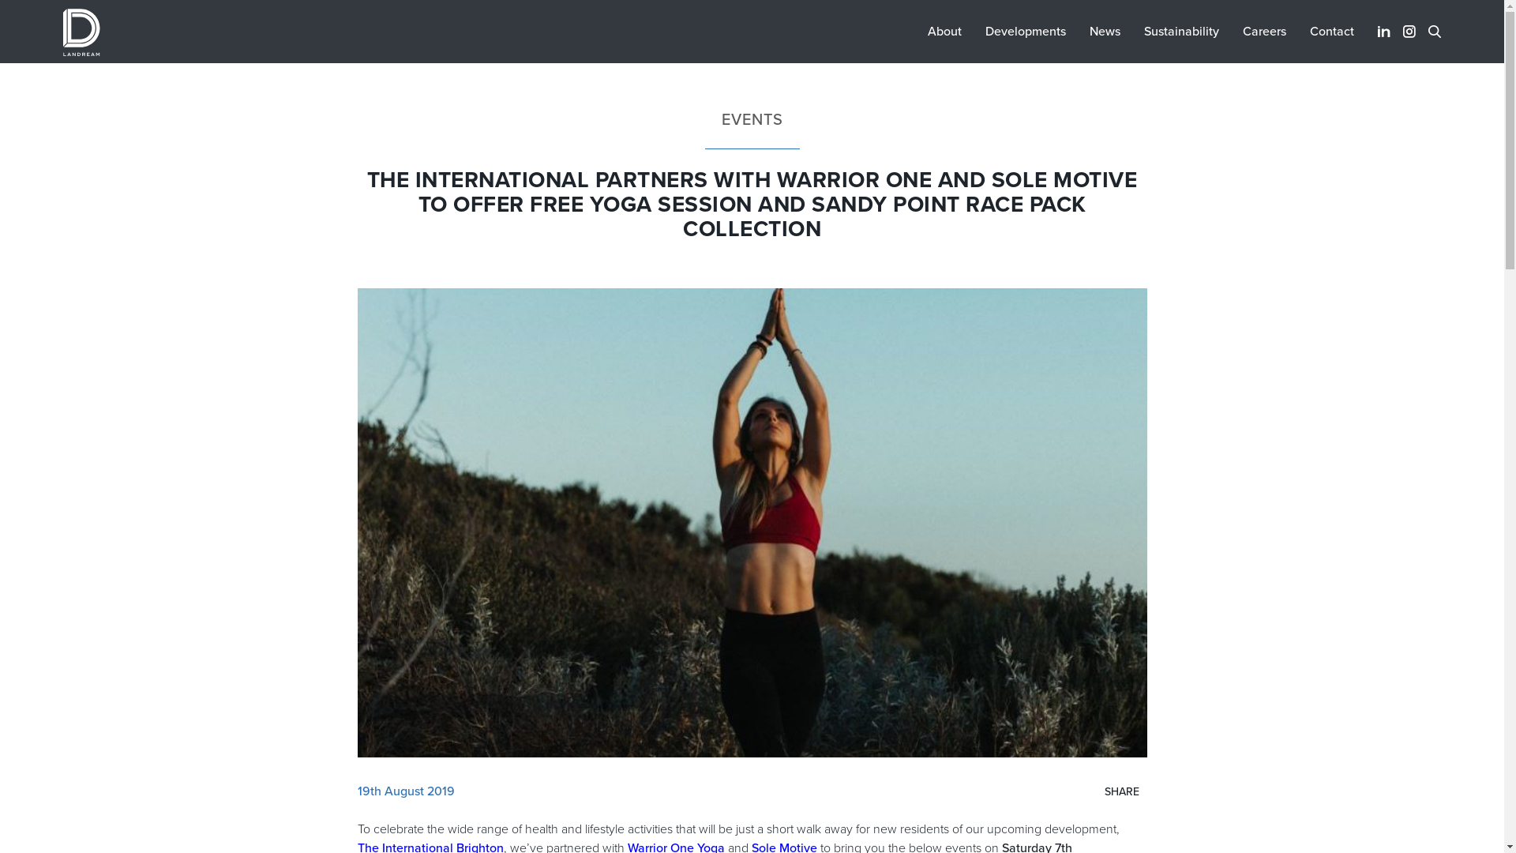 This screenshot has width=1516, height=853. I want to click on 'About', so click(944, 31).